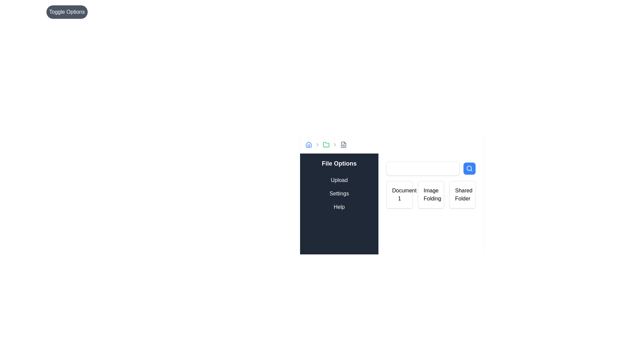 This screenshot has height=362, width=643. I want to click on the 'Upload' button, which is the first button in the vertical stack of 'File Options' sidebar, to initiate the upload process, so click(339, 180).